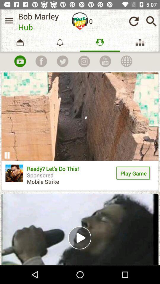 This screenshot has width=160, height=284. What do you see at coordinates (71, 177) in the screenshot?
I see `the ready let s` at bounding box center [71, 177].